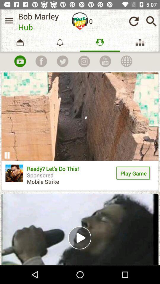 This screenshot has width=160, height=284. What do you see at coordinates (71, 177) in the screenshot?
I see `the ready let s` at bounding box center [71, 177].